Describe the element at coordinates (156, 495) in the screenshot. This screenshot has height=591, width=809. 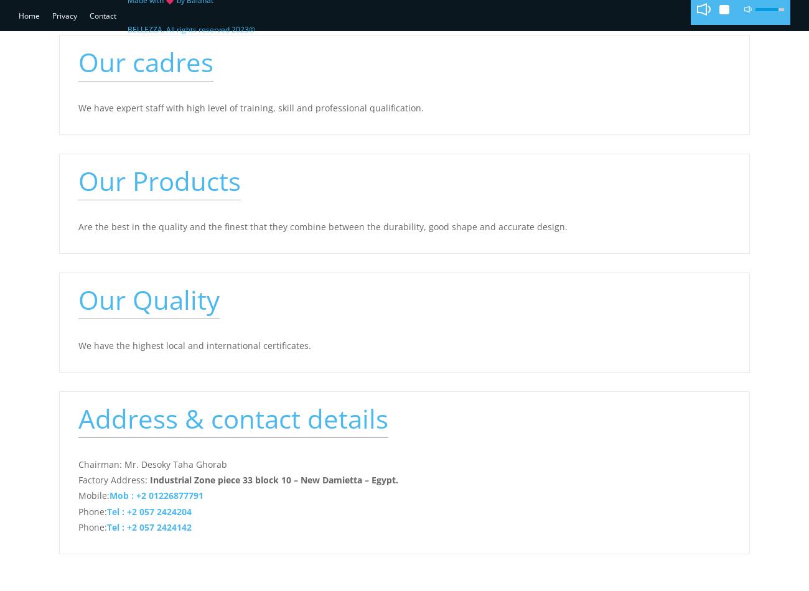
I see `'Mob : +2 01226877791'` at that location.